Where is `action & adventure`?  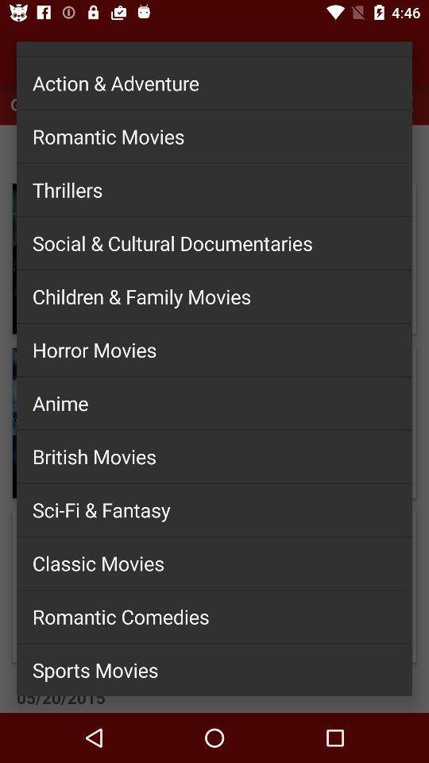 action & adventure is located at coordinates (214, 83).